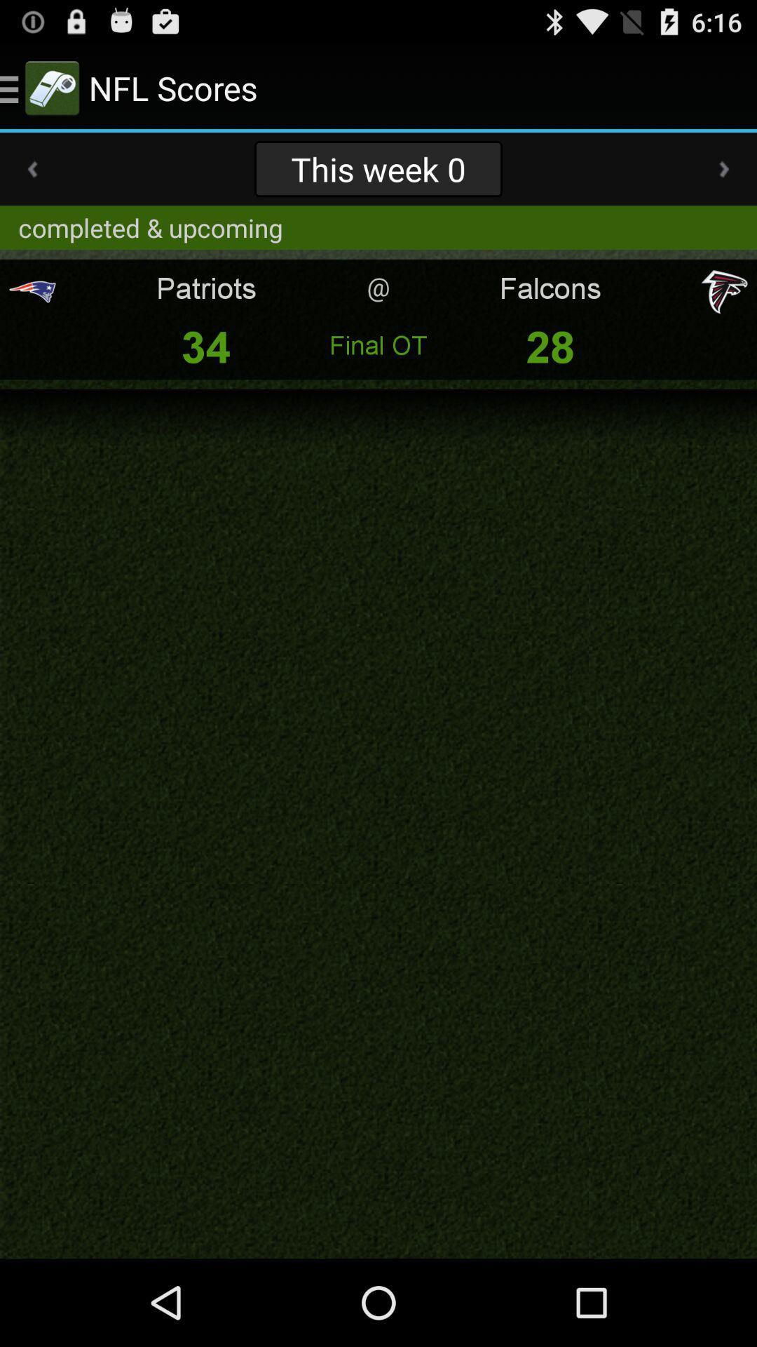 The image size is (757, 1347). I want to click on the item above completed & upcoming app, so click(378, 168).